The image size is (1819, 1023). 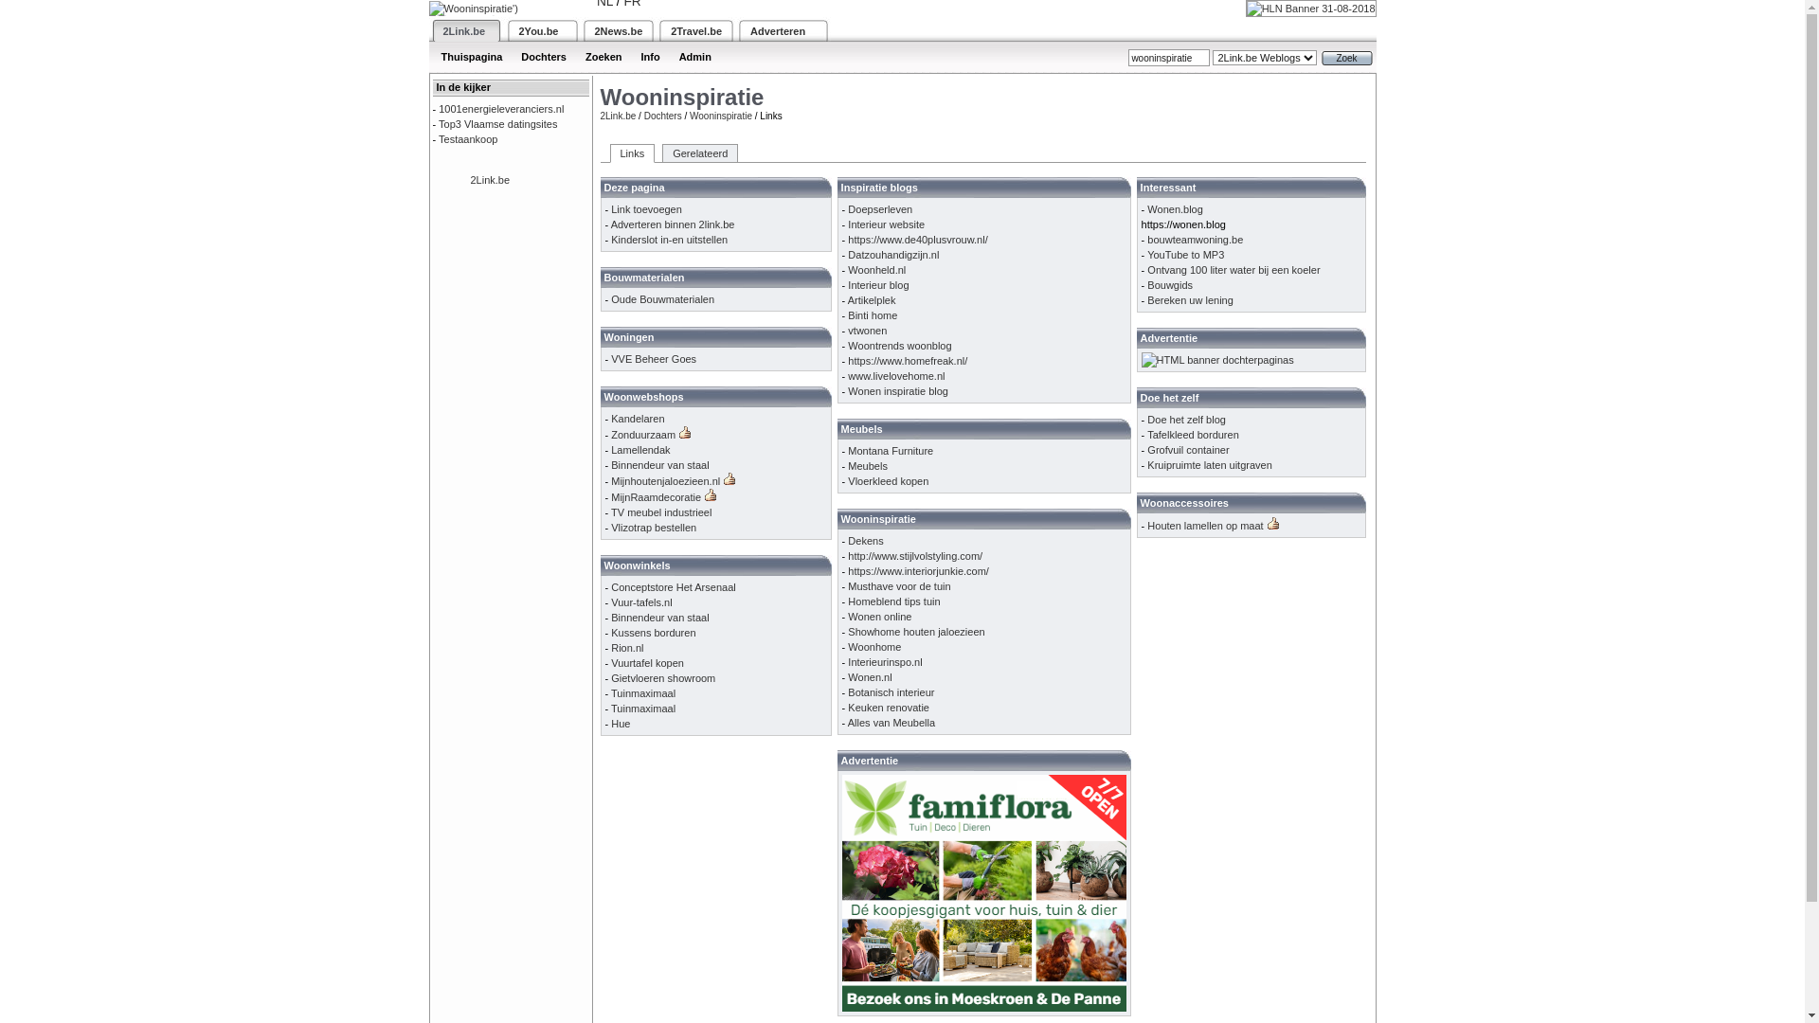 What do you see at coordinates (610, 449) in the screenshot?
I see `'Lamellendak'` at bounding box center [610, 449].